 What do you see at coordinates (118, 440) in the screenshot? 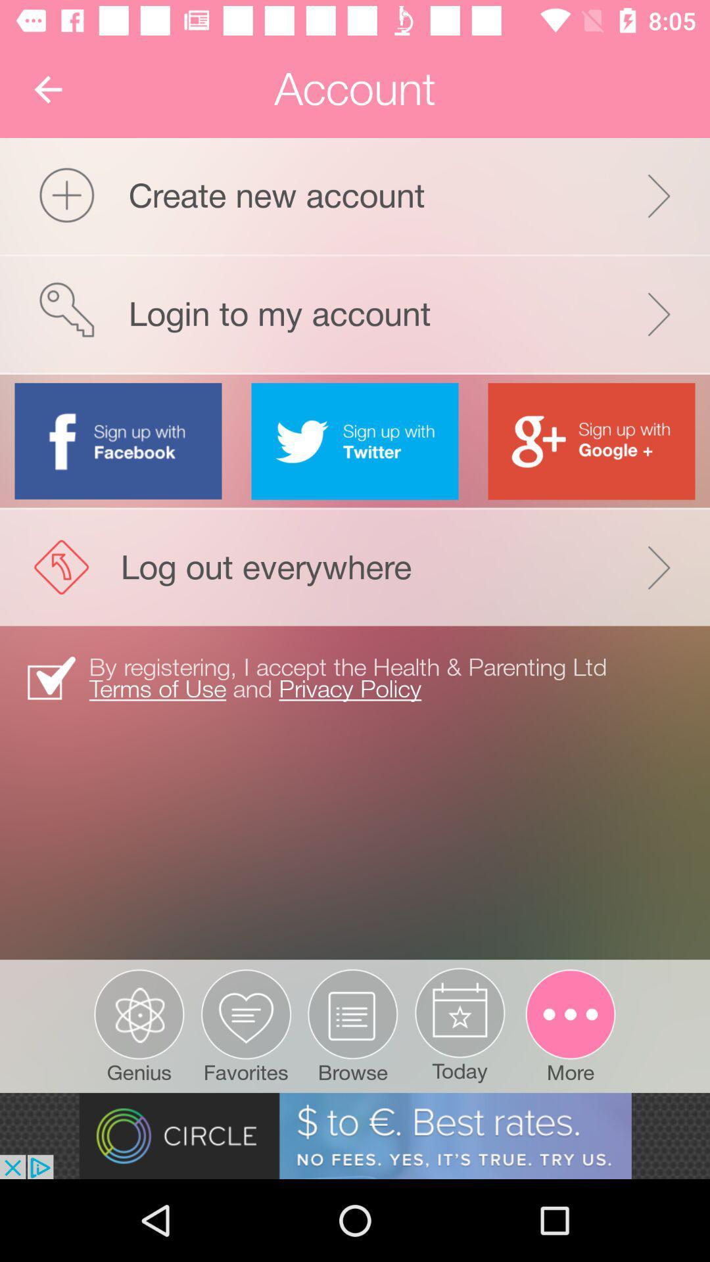
I see `sign up with fb` at bounding box center [118, 440].